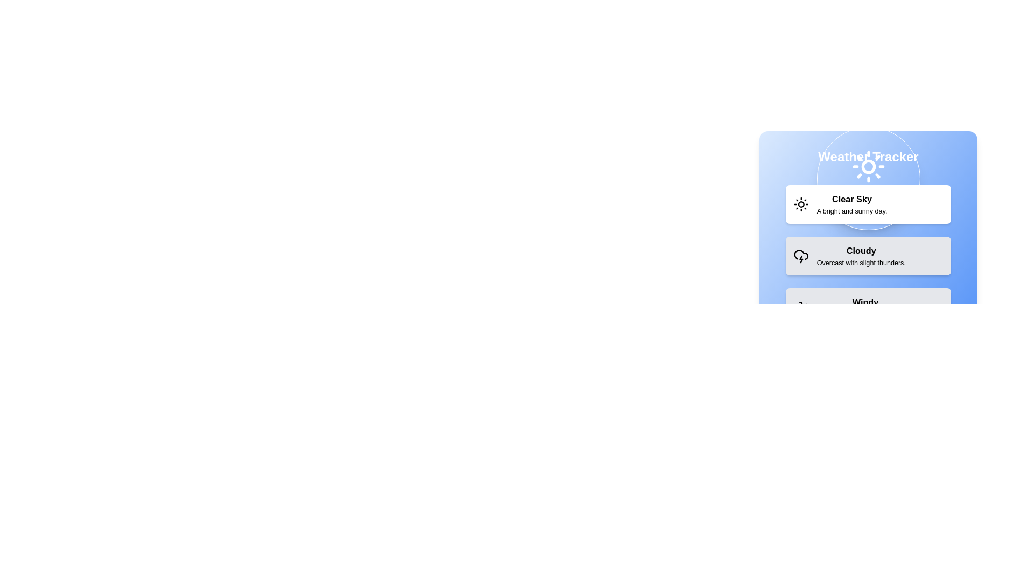  I want to click on the second panel displaying weather information indicating 'Cloudy' conditions, which includes a description of overcast conditions and slight thunders, so click(868, 256).